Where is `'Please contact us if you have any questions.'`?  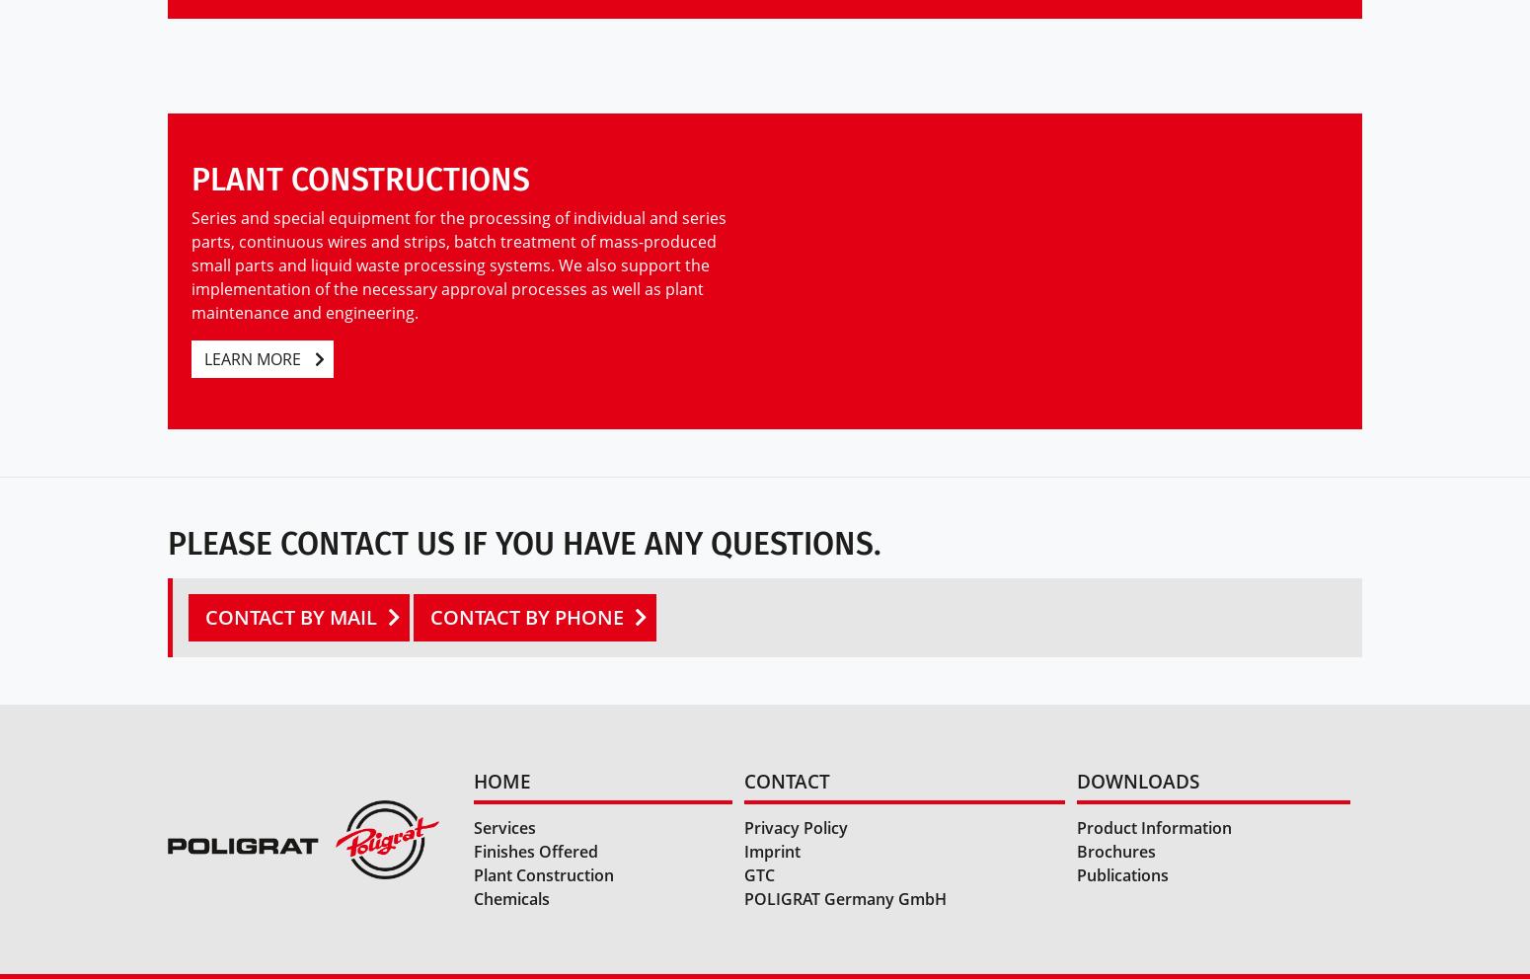
'Please contact us if you have any questions.' is located at coordinates (523, 542).